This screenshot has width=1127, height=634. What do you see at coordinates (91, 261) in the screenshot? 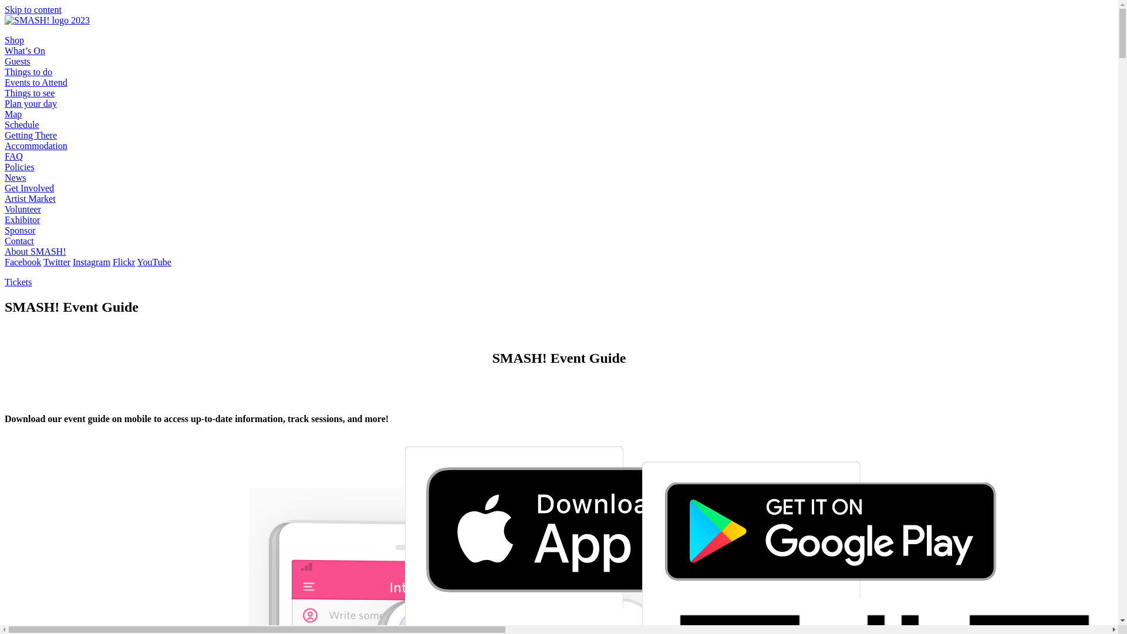
I see `'Instagram'` at bounding box center [91, 261].